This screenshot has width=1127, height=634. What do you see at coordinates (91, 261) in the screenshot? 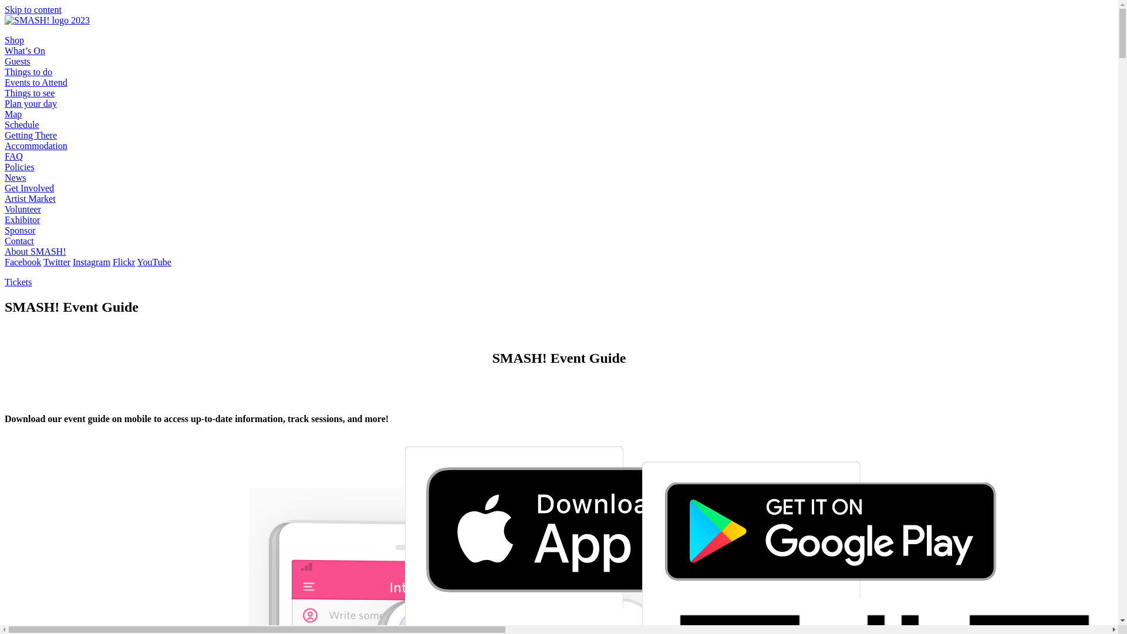
I see `'Instagram'` at bounding box center [91, 261].